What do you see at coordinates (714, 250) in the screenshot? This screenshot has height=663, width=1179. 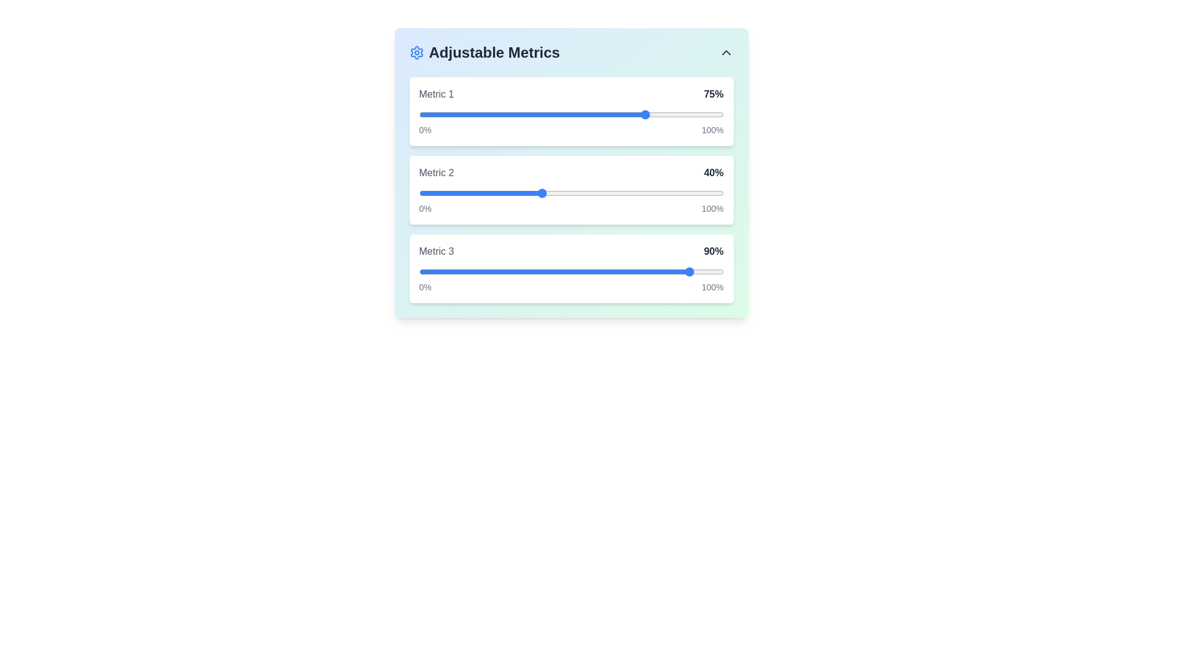 I see `the text label displaying the current value '90%' for 'Metric 3', which is located to the right of the 'Metric 3' label in the metrics widget` at bounding box center [714, 250].